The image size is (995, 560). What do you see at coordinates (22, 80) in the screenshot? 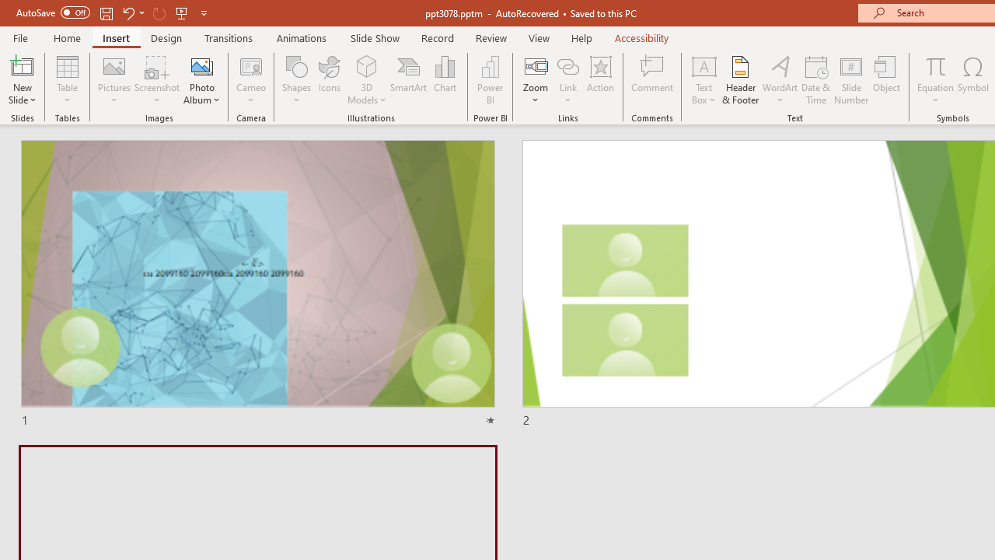
I see `'New Slide'` at bounding box center [22, 80].